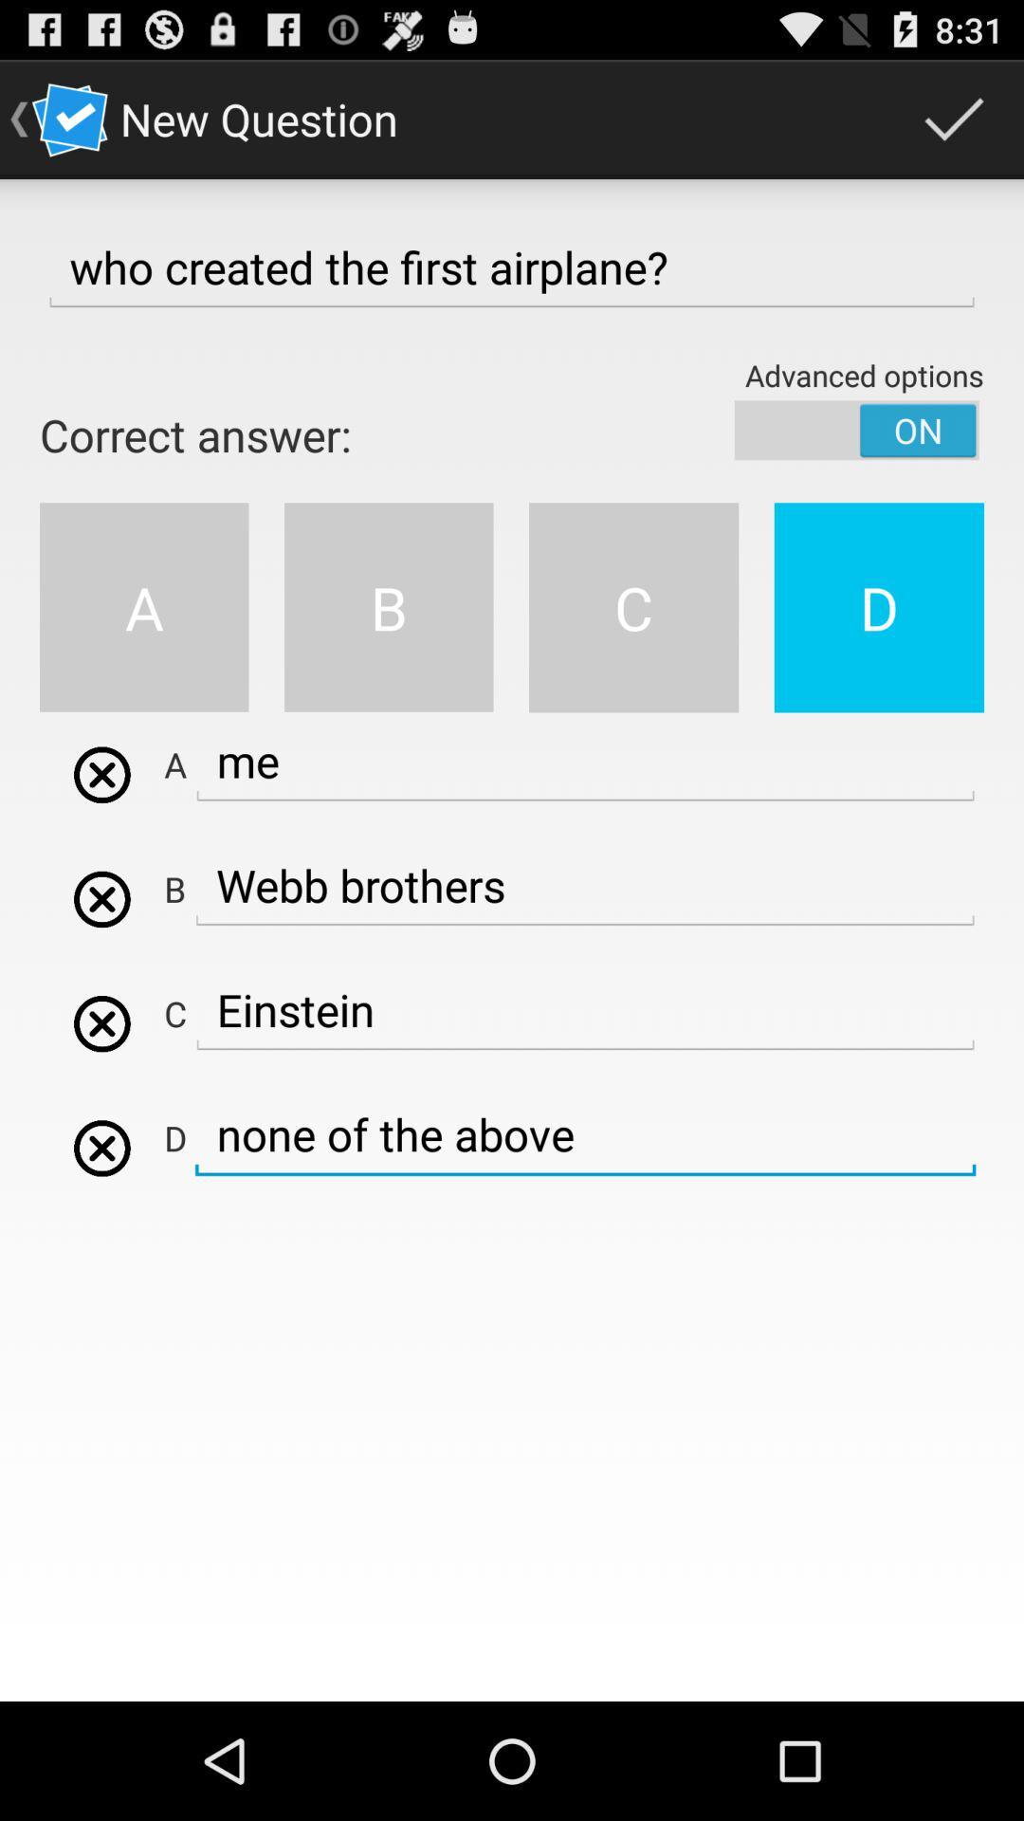 This screenshot has height=1821, width=1024. I want to click on advanced option, so click(856, 429).